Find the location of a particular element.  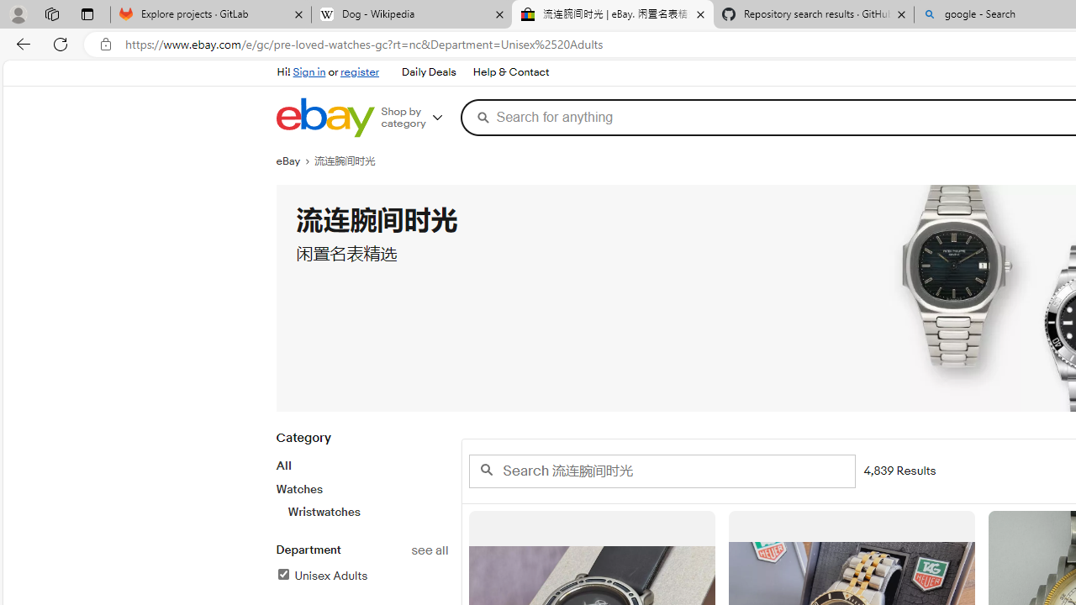

'Help & Contact' is located at coordinates (509, 71).